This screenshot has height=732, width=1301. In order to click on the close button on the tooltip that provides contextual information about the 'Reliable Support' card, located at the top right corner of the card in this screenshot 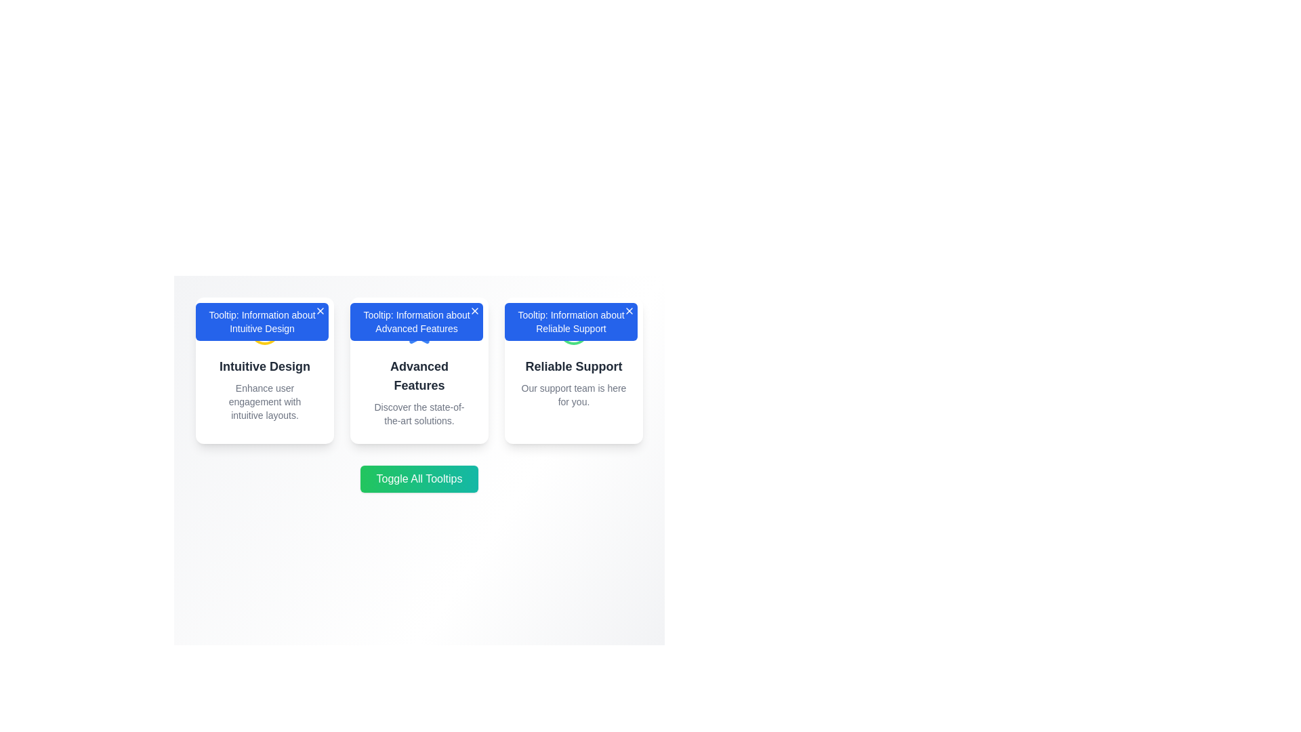, I will do `click(571, 321)`.